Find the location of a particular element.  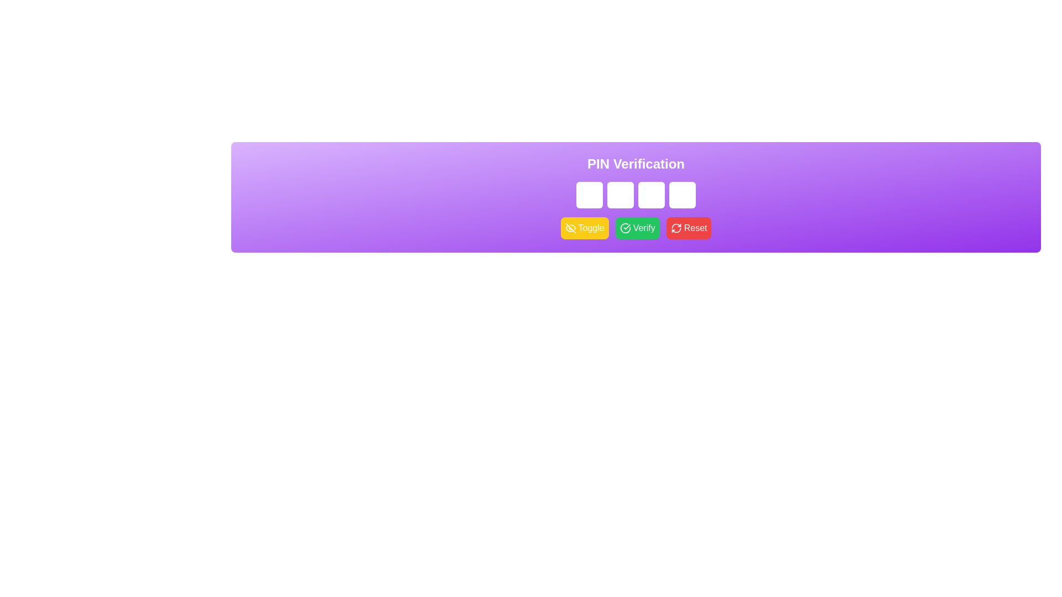

the second password input field in the PIN Verification section to trigger any visual effects is located at coordinates (621, 195).